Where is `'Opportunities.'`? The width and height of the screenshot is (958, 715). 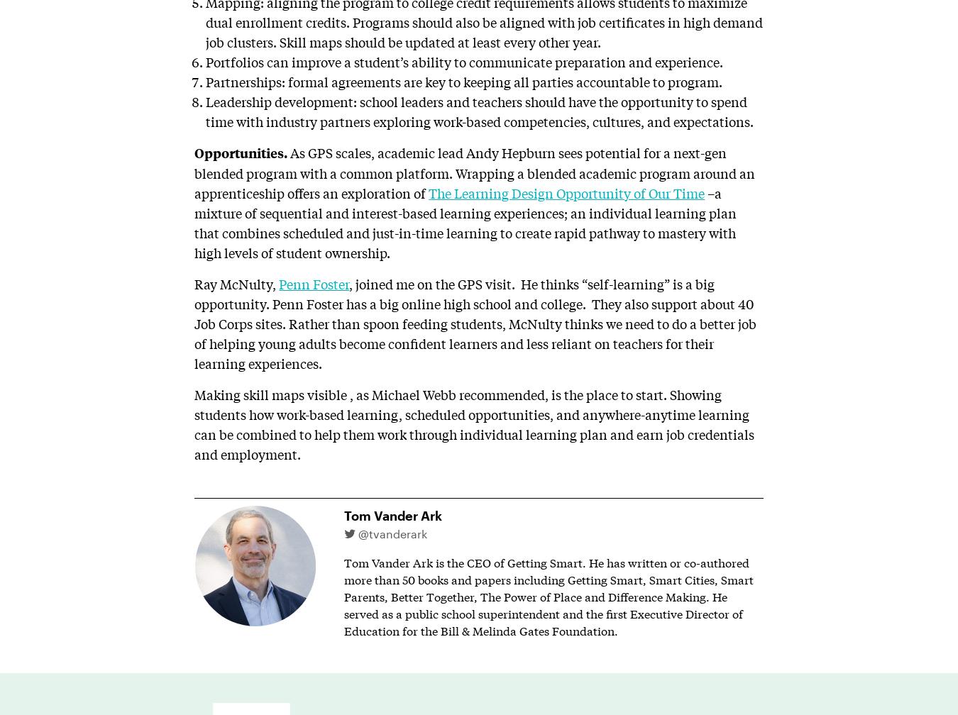 'Opportunities.' is located at coordinates (241, 152).